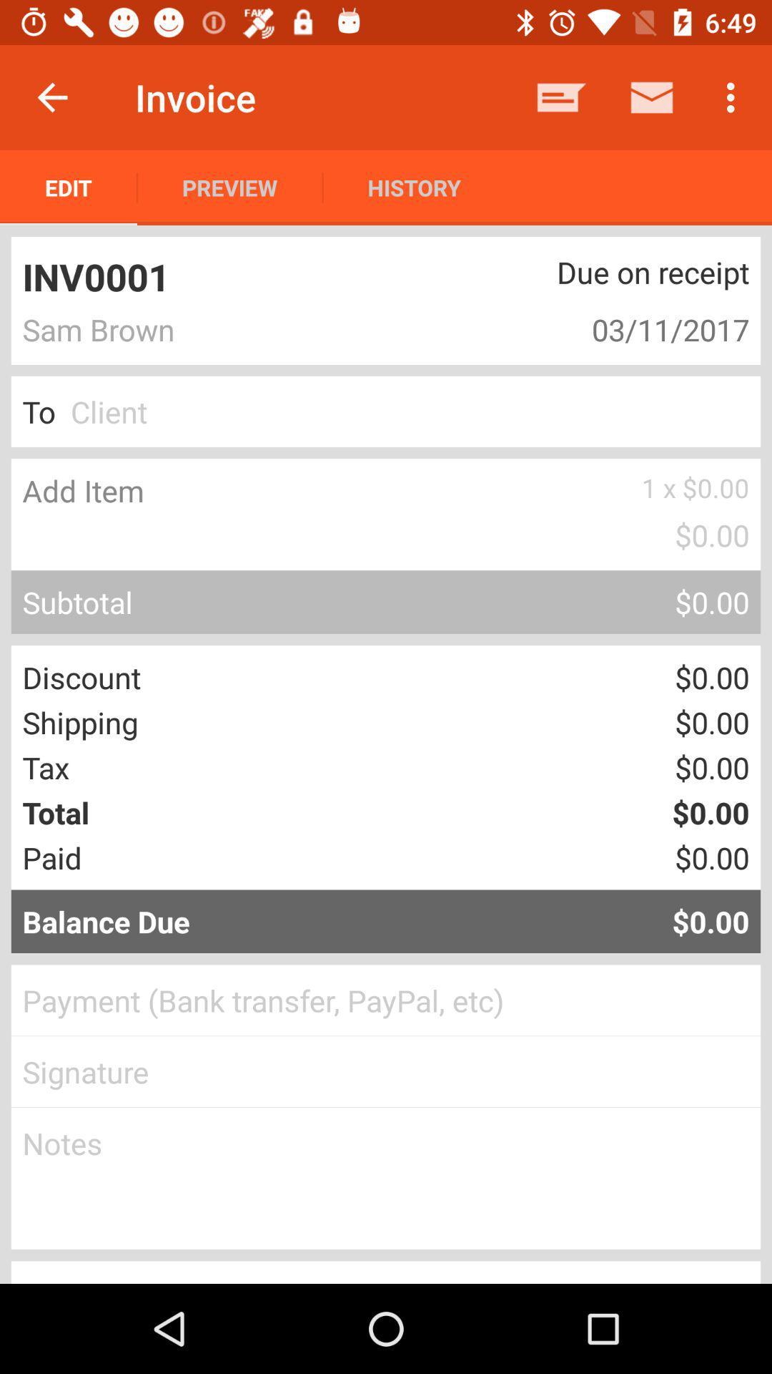 This screenshot has width=772, height=1374. I want to click on edit, so click(69, 187).